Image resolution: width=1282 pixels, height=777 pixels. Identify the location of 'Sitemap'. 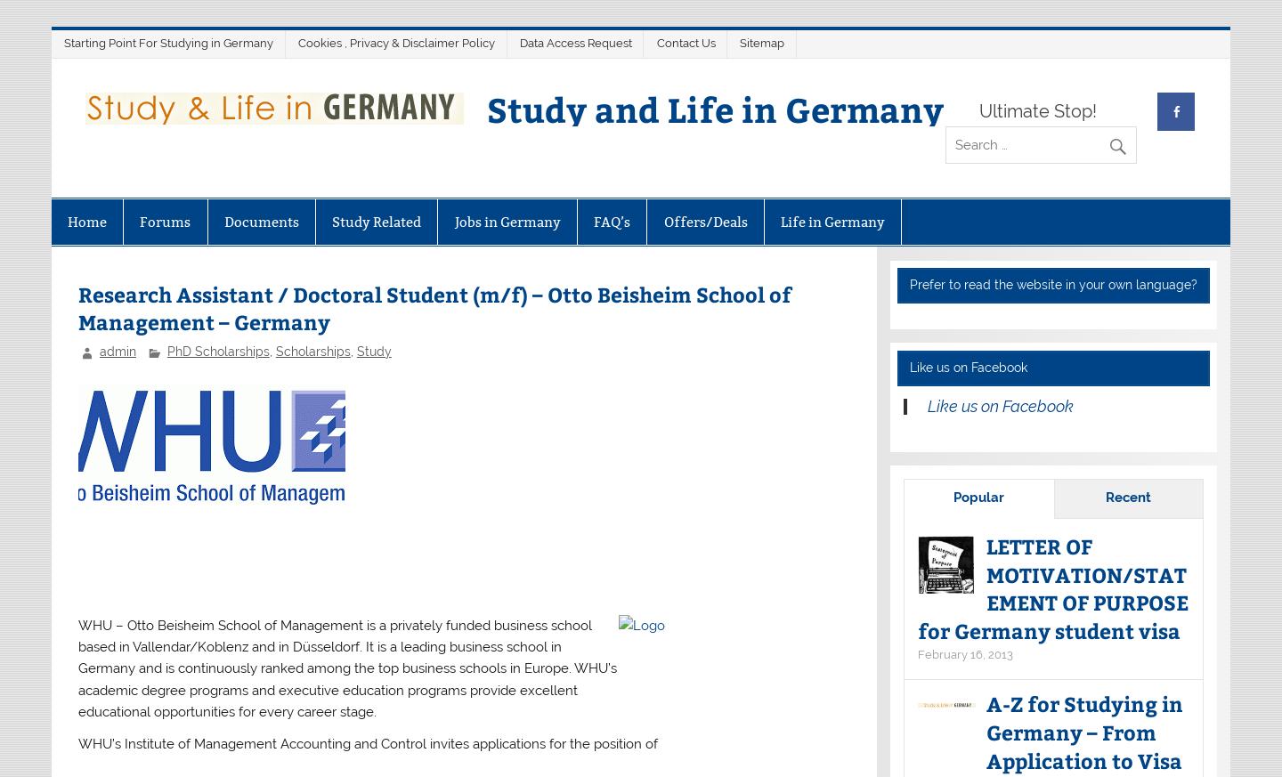
(760, 42).